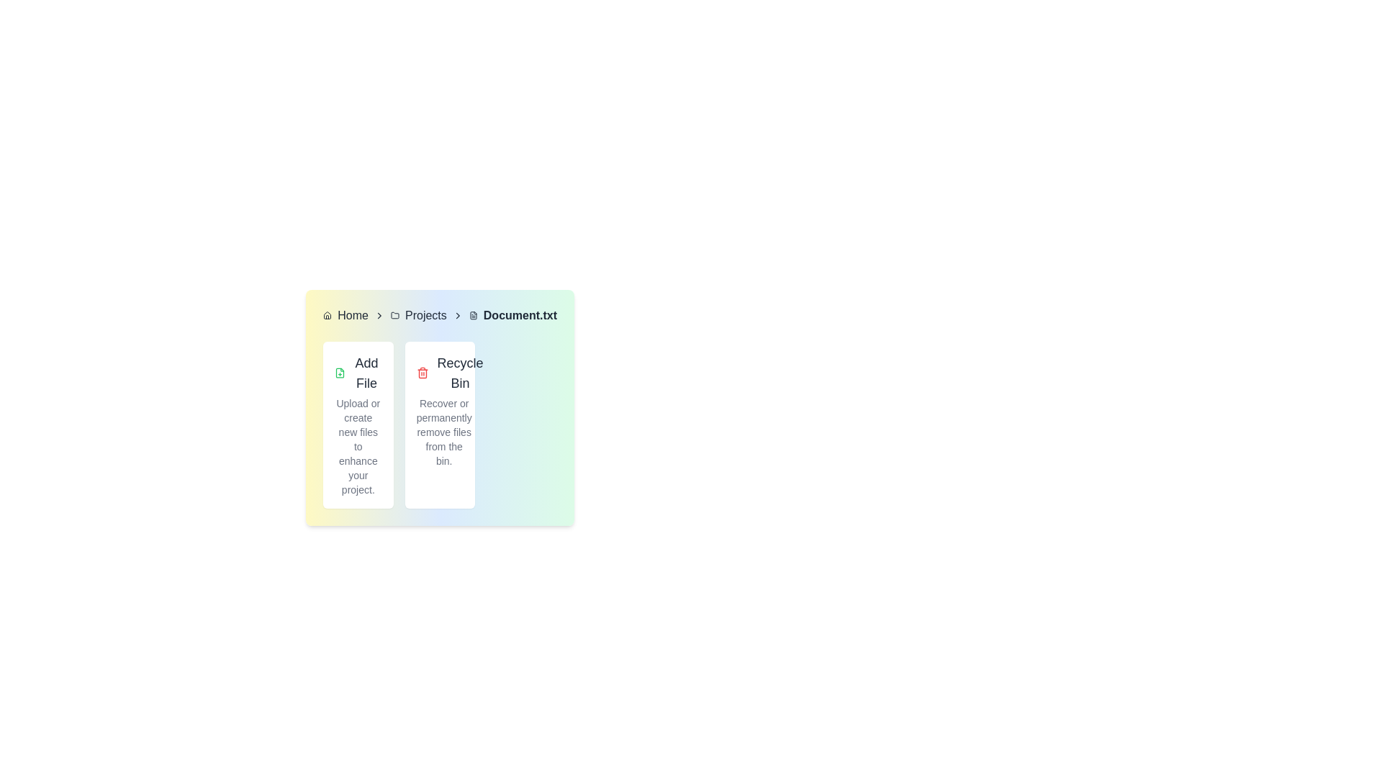  Describe the element at coordinates (353, 315) in the screenshot. I see `the 'Home' navigational link in the breadcrumb navigation bar to redirect to the homepage` at that location.